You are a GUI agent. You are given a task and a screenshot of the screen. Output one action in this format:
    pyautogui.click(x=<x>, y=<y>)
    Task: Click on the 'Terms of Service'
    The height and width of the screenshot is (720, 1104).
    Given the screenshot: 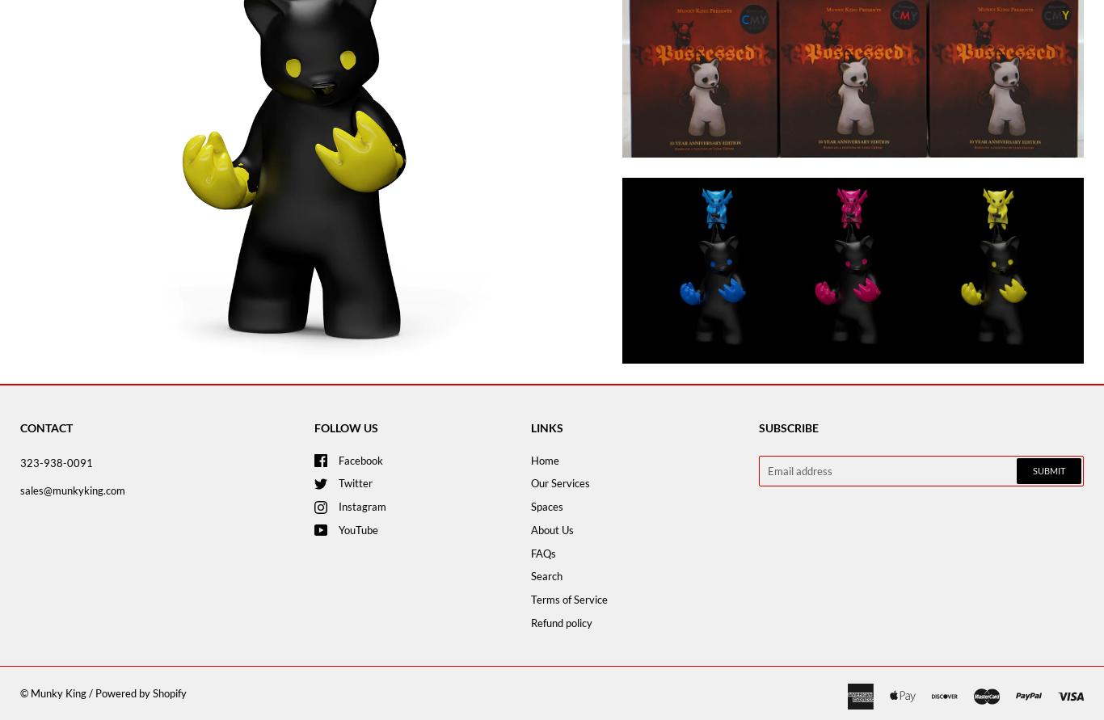 What is the action you would take?
    pyautogui.click(x=569, y=600)
    